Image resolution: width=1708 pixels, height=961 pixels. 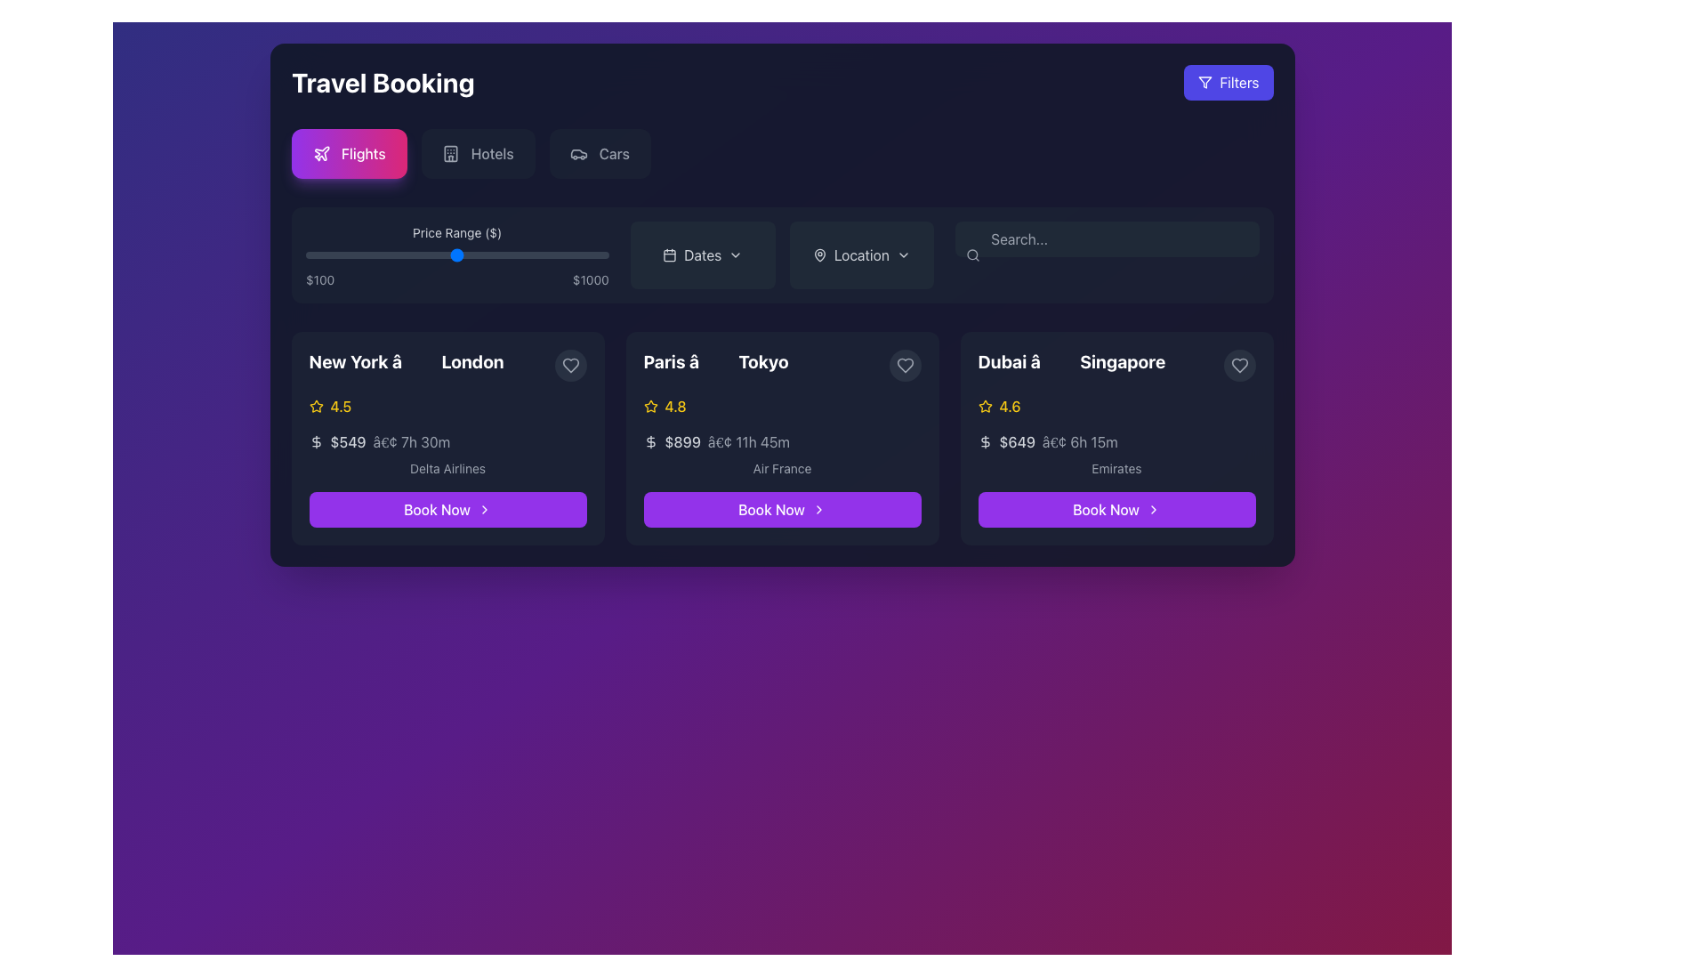 What do you see at coordinates (579, 153) in the screenshot?
I see `the 'Cars' icon, which is the third option from the left in the top center group of options labeled 'Flights', 'Hotels', and 'Cars'` at bounding box center [579, 153].